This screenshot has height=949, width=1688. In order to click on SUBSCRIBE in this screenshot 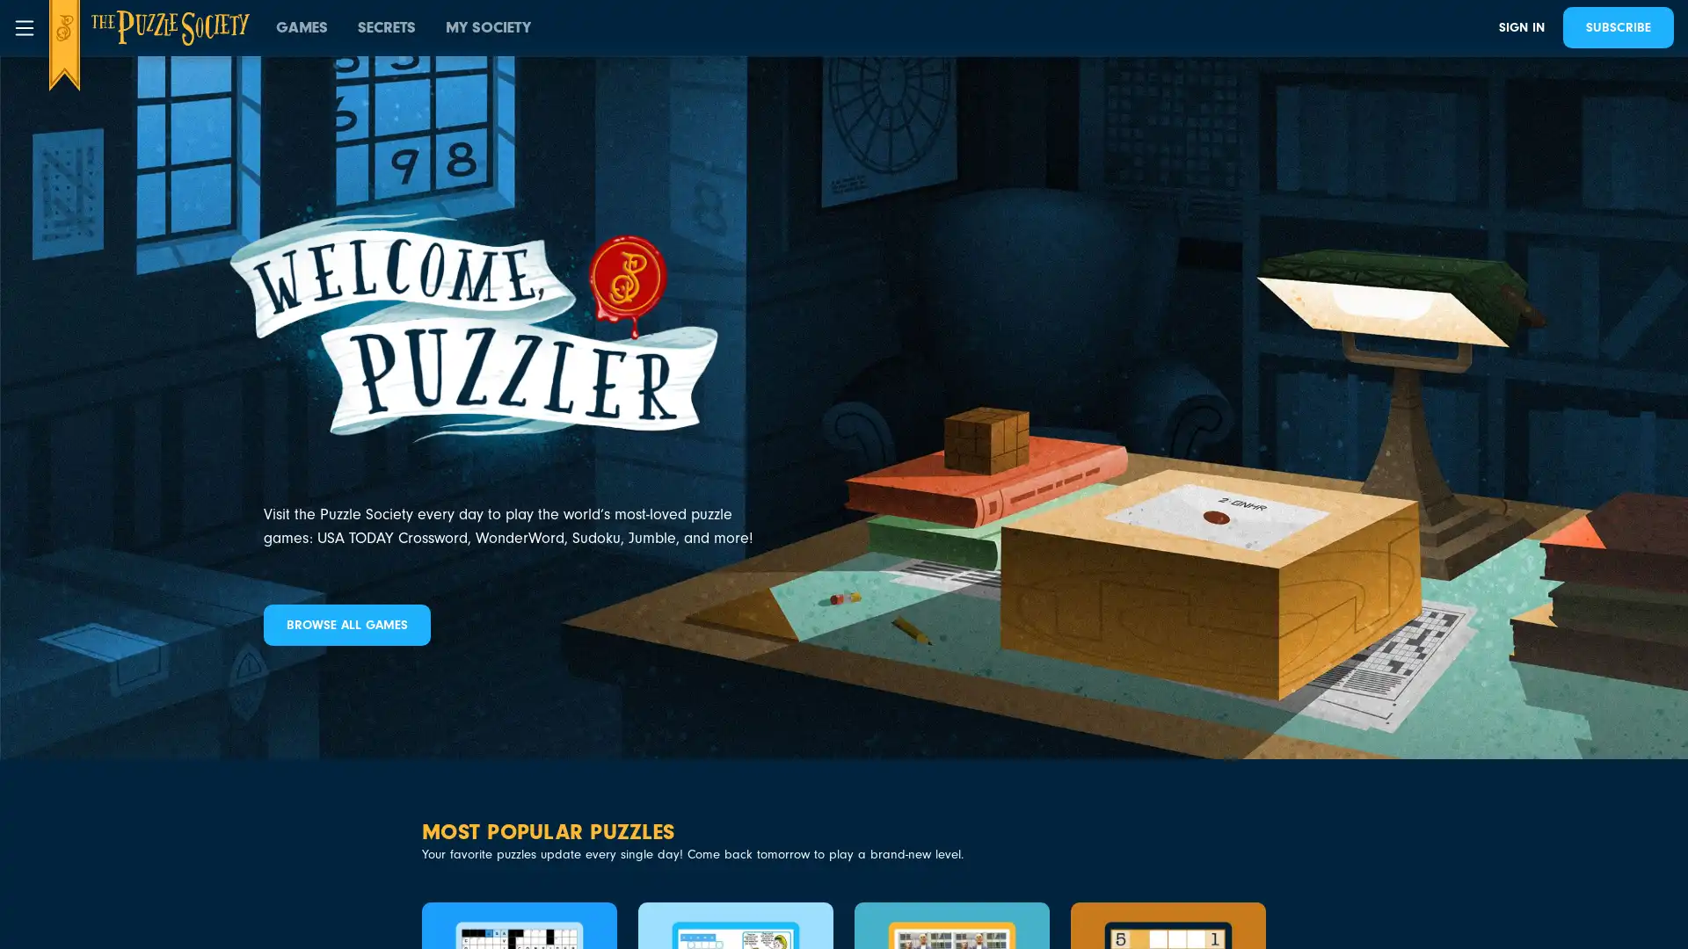, I will do `click(1618, 27)`.